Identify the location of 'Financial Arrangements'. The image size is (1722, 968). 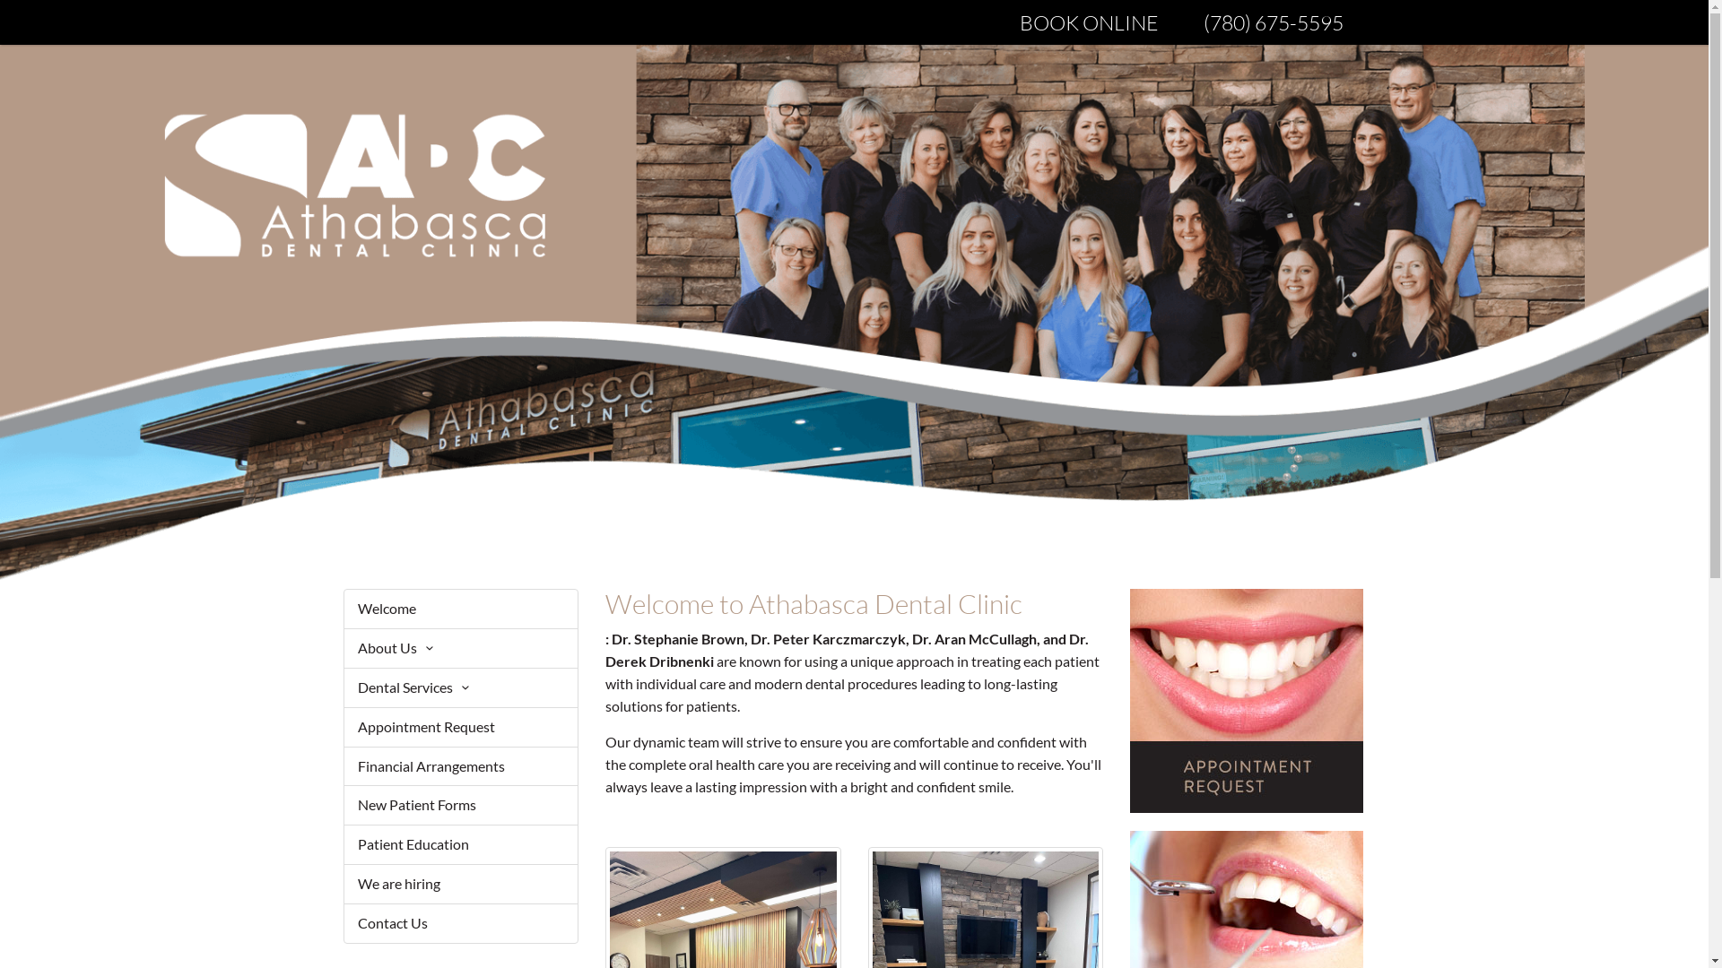
(461, 766).